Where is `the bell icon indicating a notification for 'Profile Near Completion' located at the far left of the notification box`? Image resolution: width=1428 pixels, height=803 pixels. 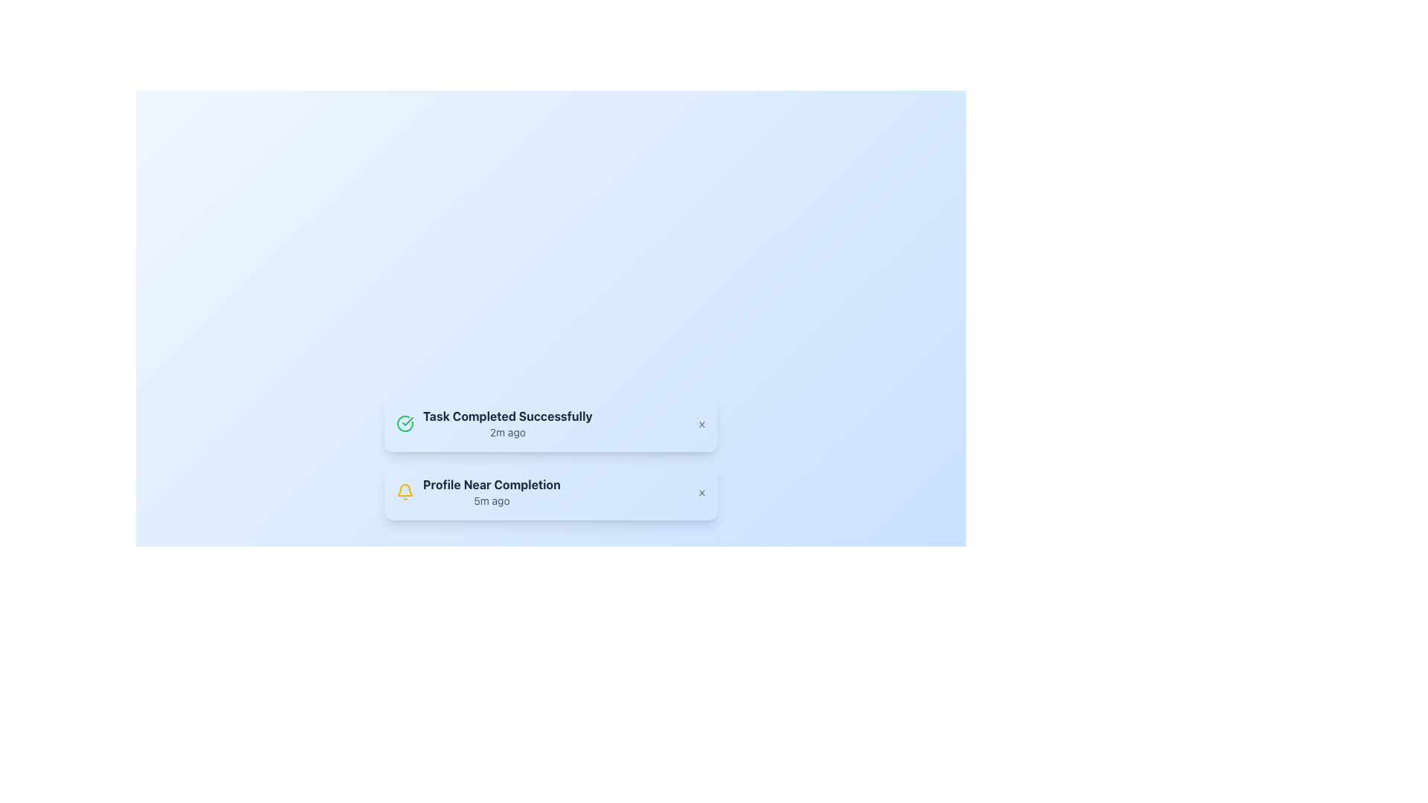 the bell icon indicating a notification for 'Profile Near Completion' located at the far left of the notification box is located at coordinates (405, 492).